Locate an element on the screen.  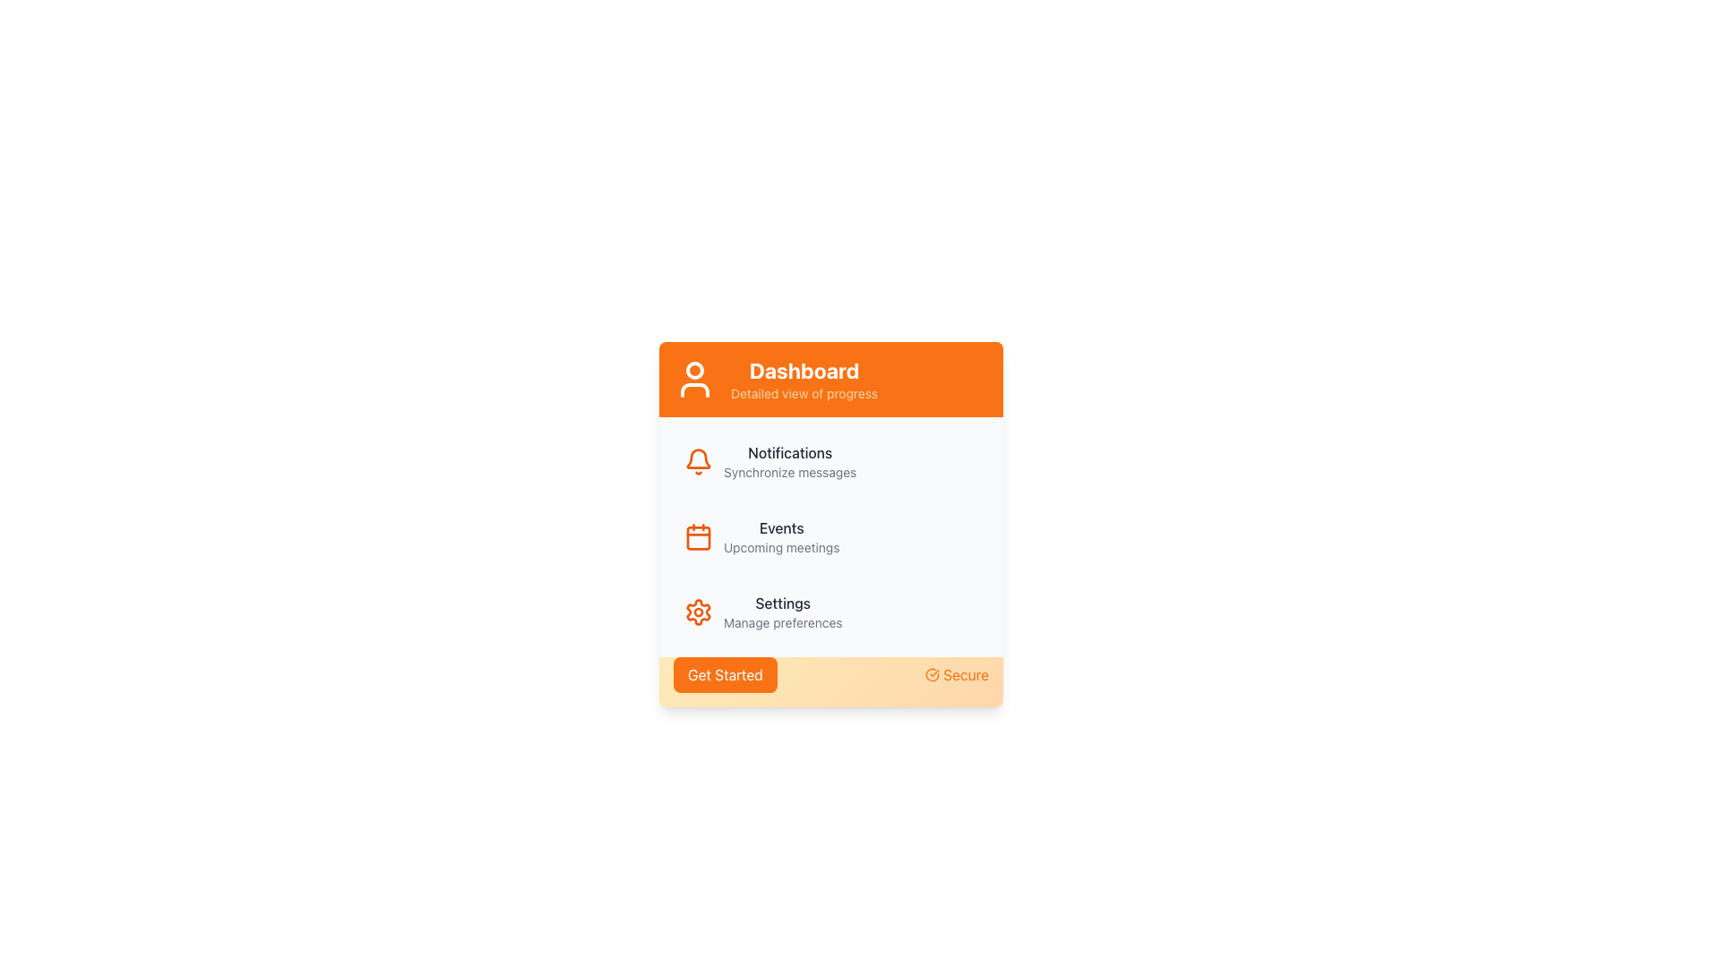
the text display element that serves as a navigation link for managing user settings and preferences, located in the settings section of the user panel, positioned under the gear icon and is the third item in the list is located at coordinates (783, 611).